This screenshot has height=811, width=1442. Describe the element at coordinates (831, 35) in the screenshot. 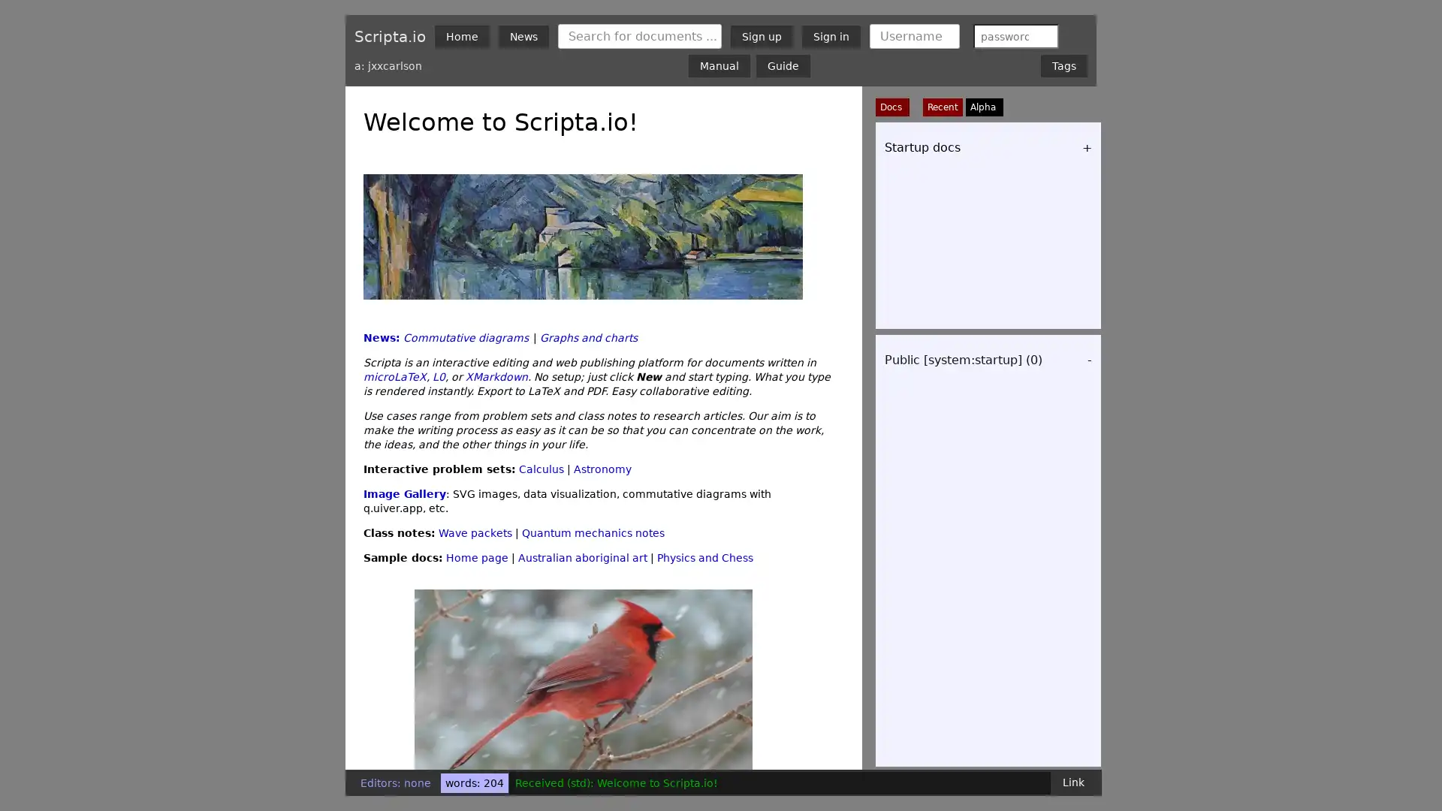

I see `Sign in` at that location.